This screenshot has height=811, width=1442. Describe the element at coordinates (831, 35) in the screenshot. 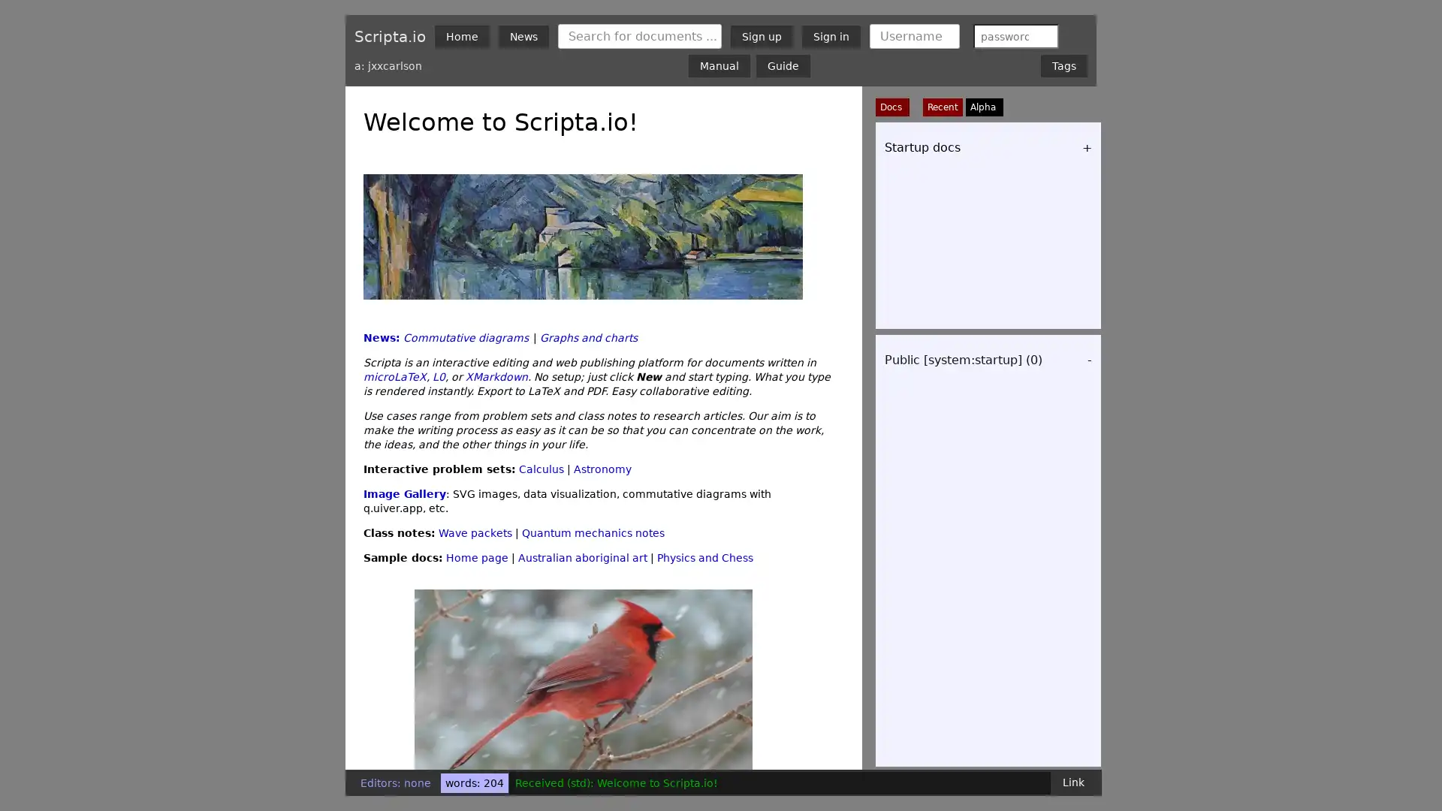

I see `Sign in` at that location.